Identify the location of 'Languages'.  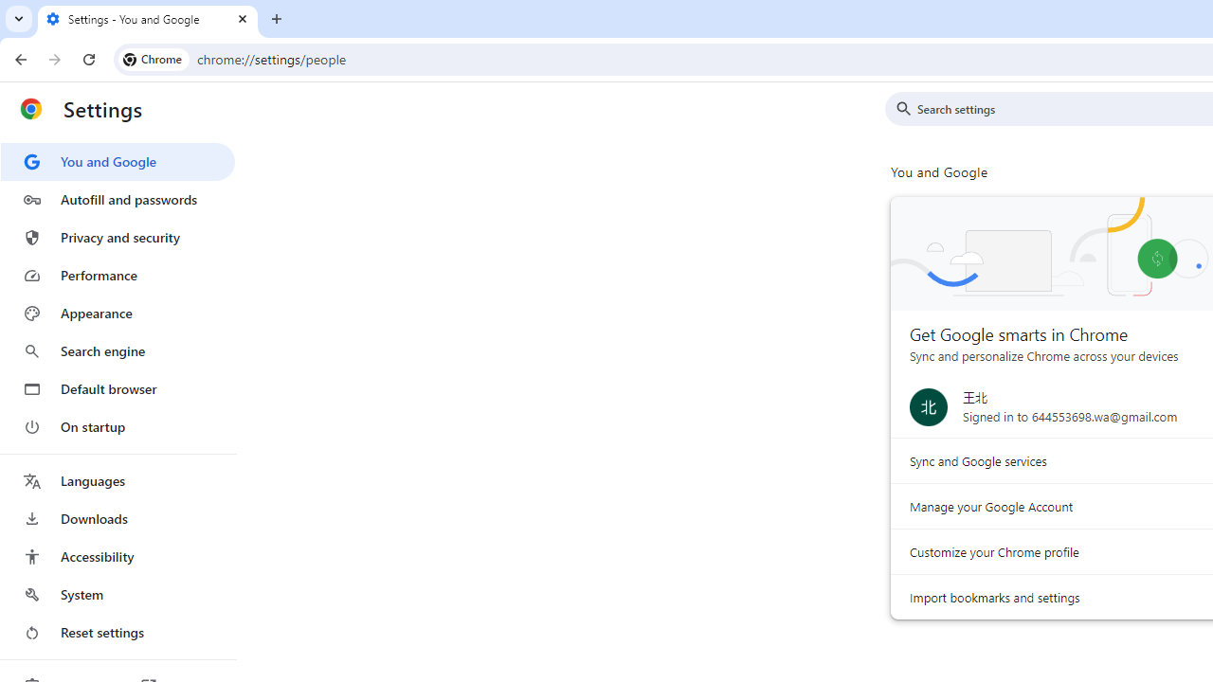
(117, 479).